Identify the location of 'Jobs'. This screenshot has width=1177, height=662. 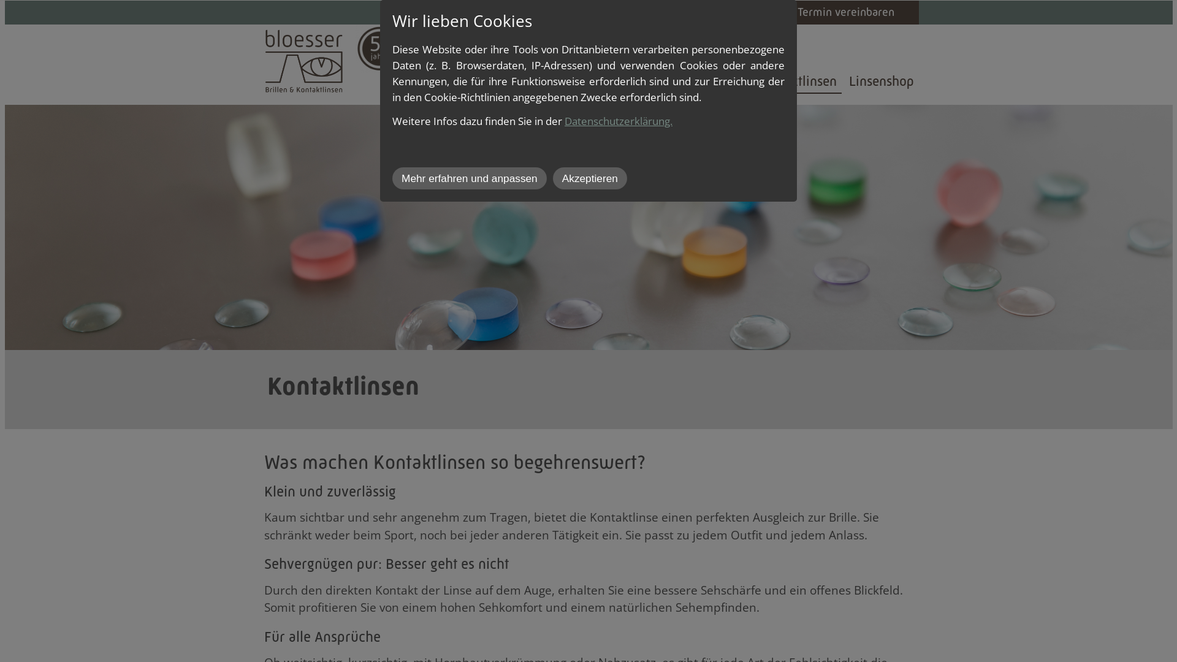
(679, 12).